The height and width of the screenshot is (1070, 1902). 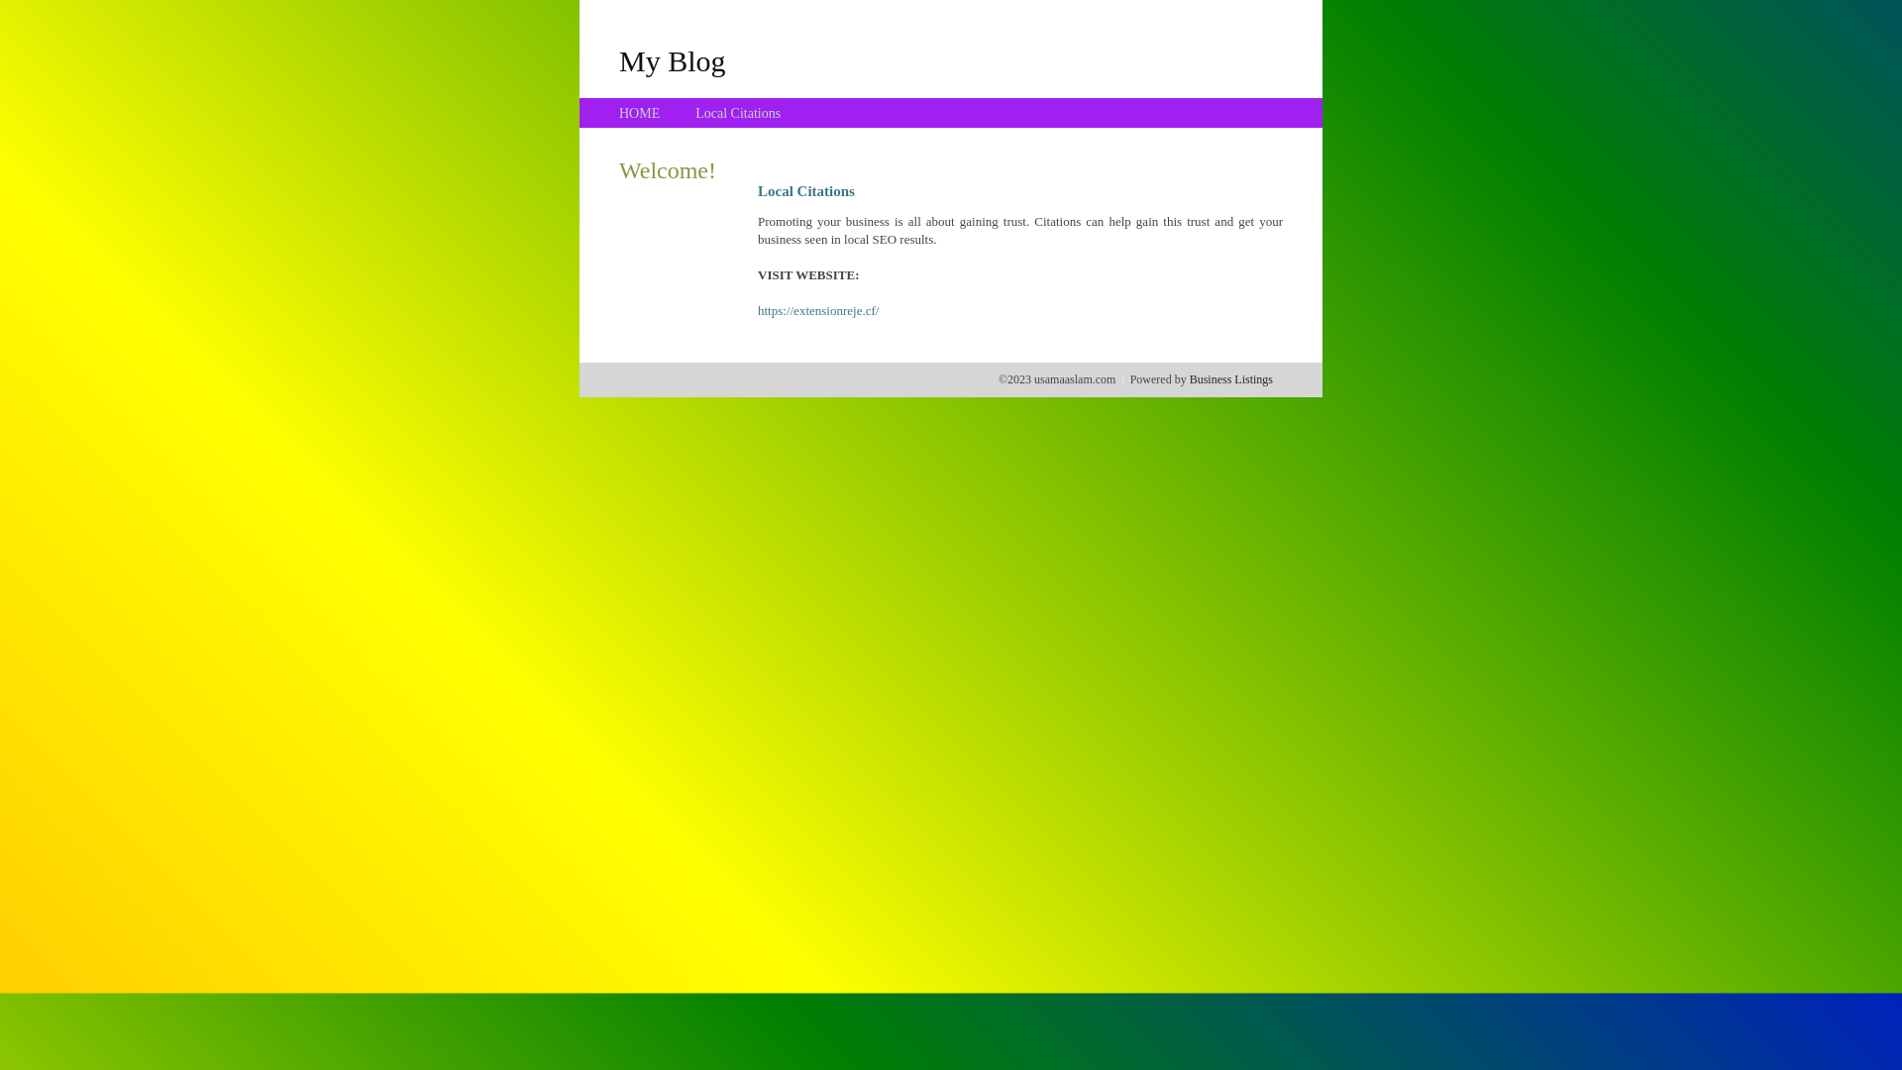 I want to click on 'HOME', so click(x=639, y=113).